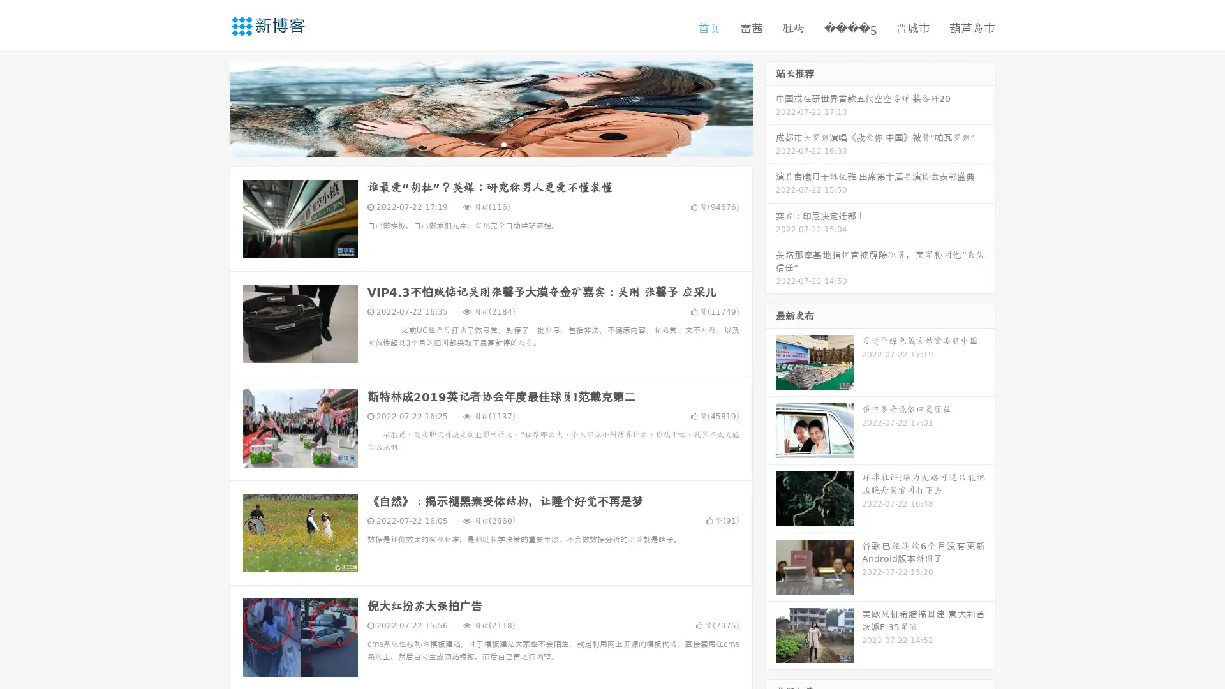 The height and width of the screenshot is (689, 1225). Describe the element at coordinates (771, 107) in the screenshot. I see `Next slide` at that location.